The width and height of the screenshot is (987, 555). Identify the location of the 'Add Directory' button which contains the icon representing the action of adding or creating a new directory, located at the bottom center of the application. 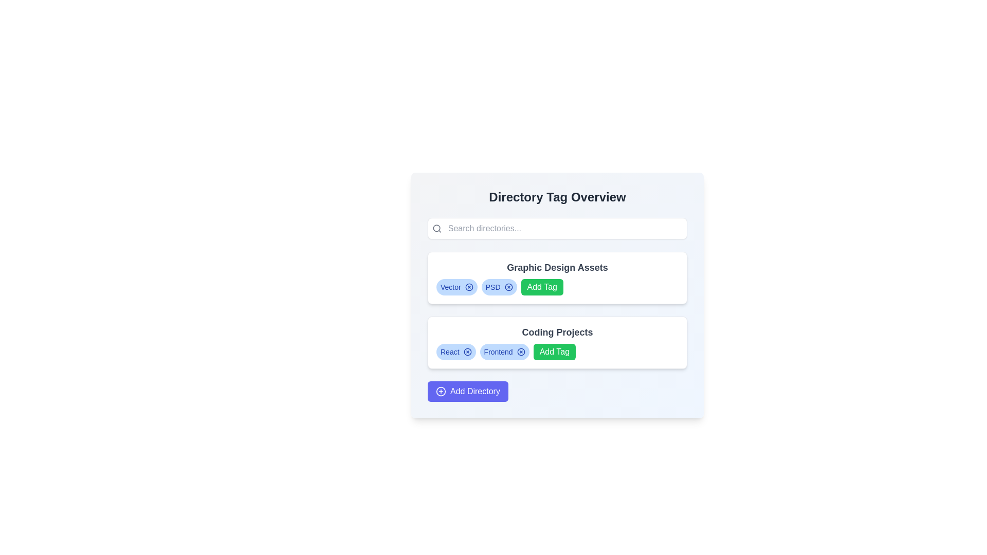
(441, 392).